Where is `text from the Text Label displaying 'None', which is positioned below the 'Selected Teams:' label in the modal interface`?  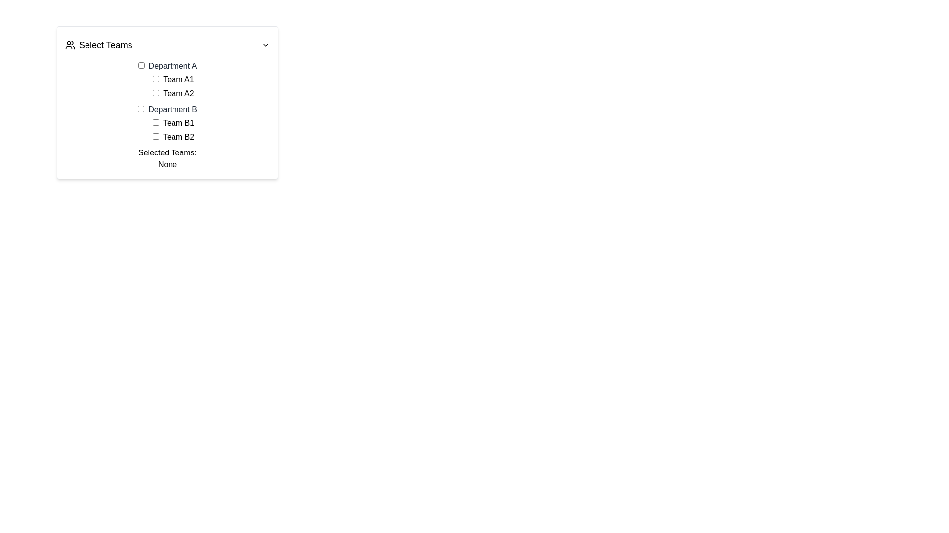
text from the Text Label displaying 'None', which is positioned below the 'Selected Teams:' label in the modal interface is located at coordinates (168, 164).